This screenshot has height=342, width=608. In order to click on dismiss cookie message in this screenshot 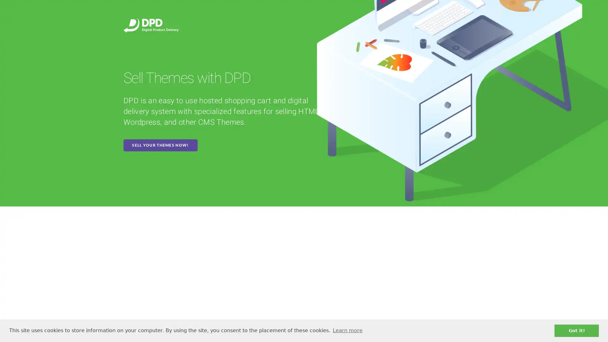, I will do `click(576, 330)`.